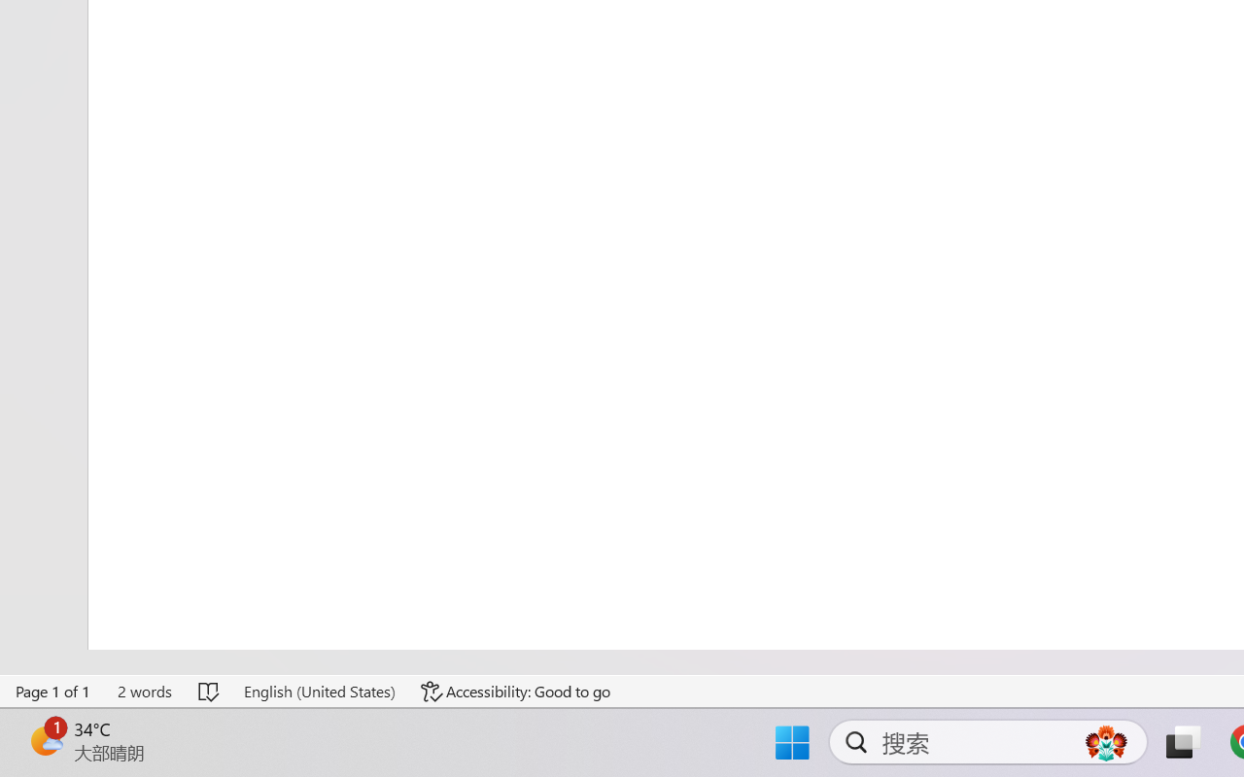 The width and height of the screenshot is (1244, 777). Describe the element at coordinates (516, 691) in the screenshot. I see `'Accessibility Checker Accessibility: Good to go'` at that location.